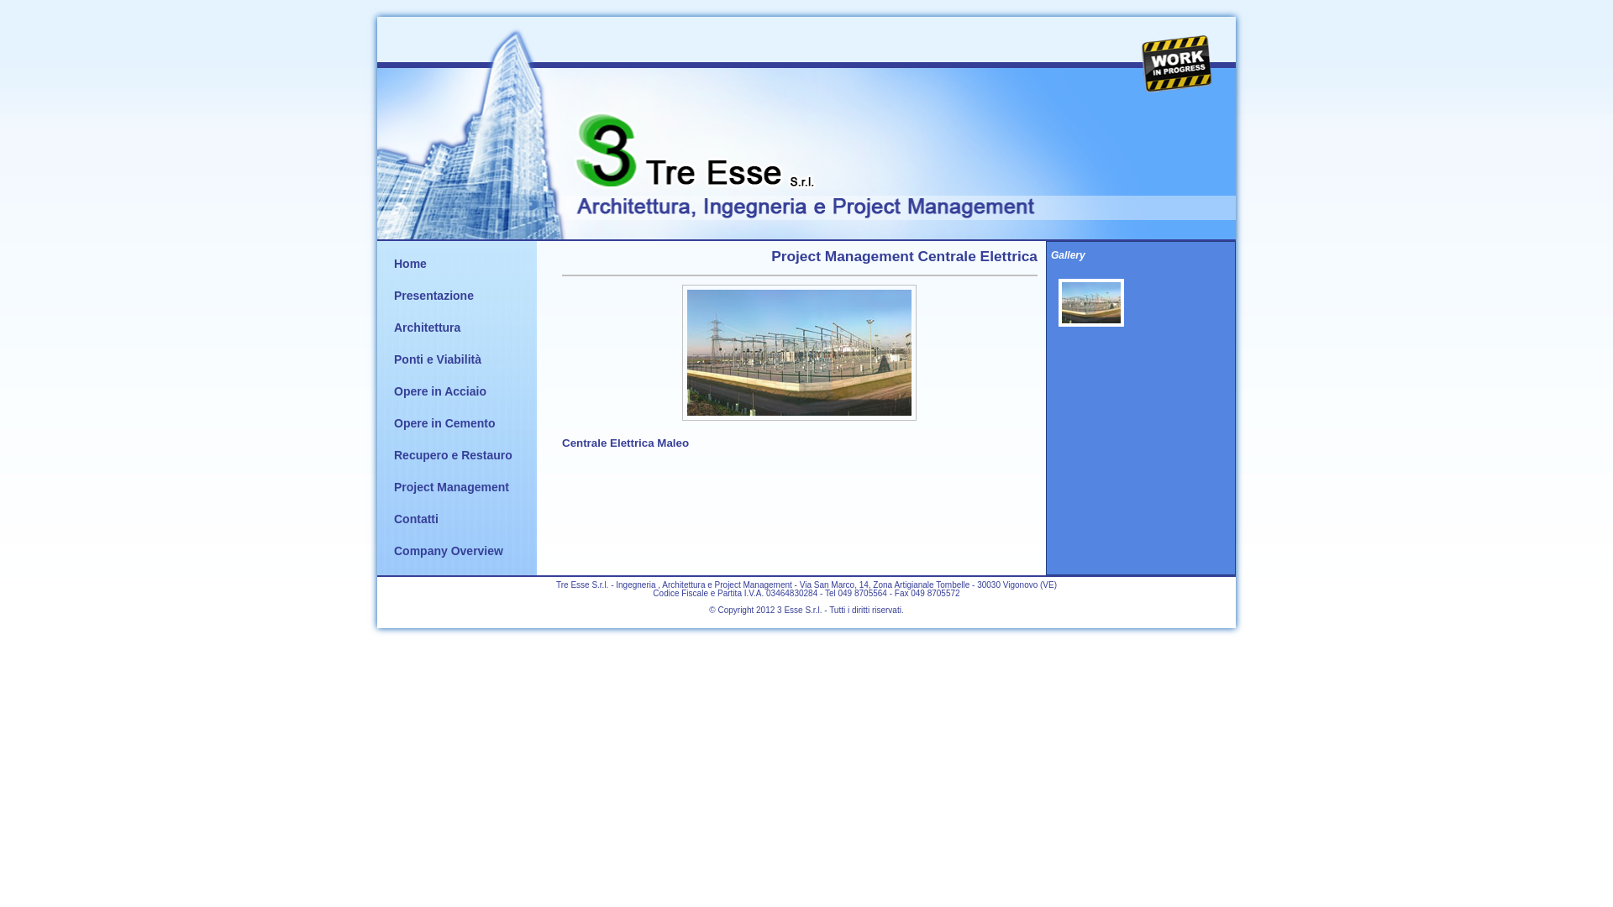  Describe the element at coordinates (1091, 302) in the screenshot. I see `'Foto Project Management Centrale Elettrica di Maleo'` at that location.